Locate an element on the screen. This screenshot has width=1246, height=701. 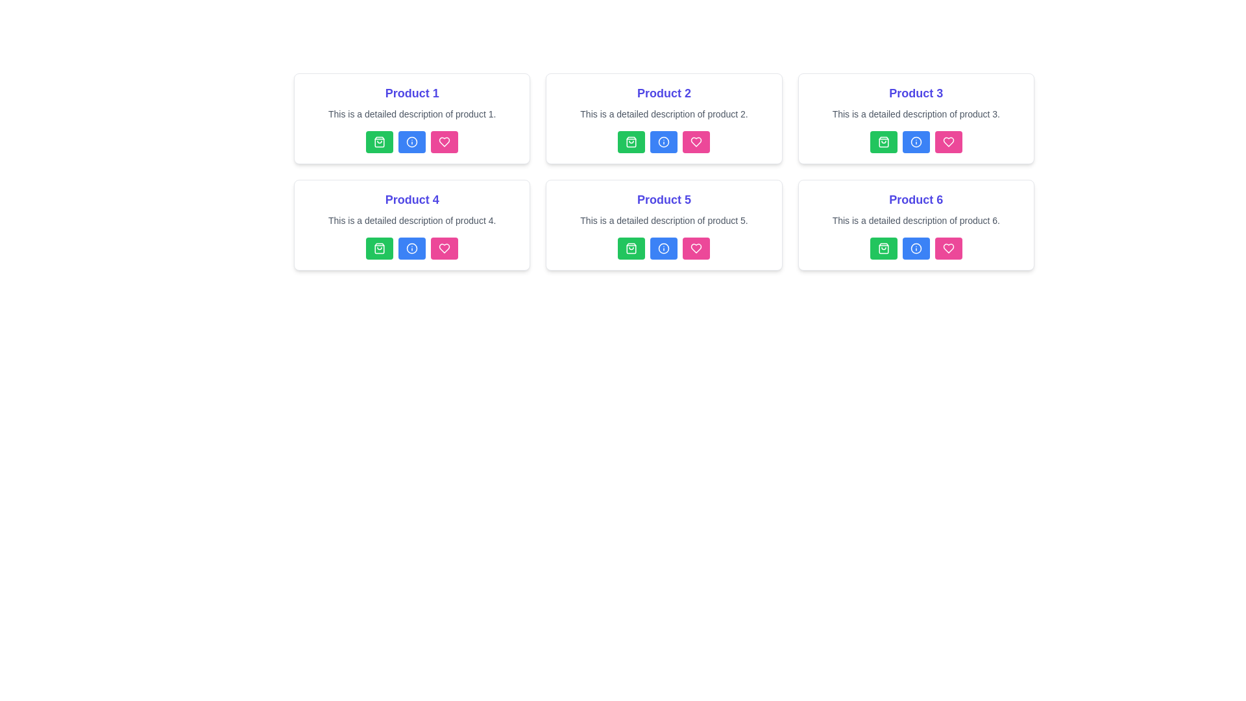
the shopping bag icon with a green background, located in the third button of the interactive options for 'Product 6' is located at coordinates (883, 248).